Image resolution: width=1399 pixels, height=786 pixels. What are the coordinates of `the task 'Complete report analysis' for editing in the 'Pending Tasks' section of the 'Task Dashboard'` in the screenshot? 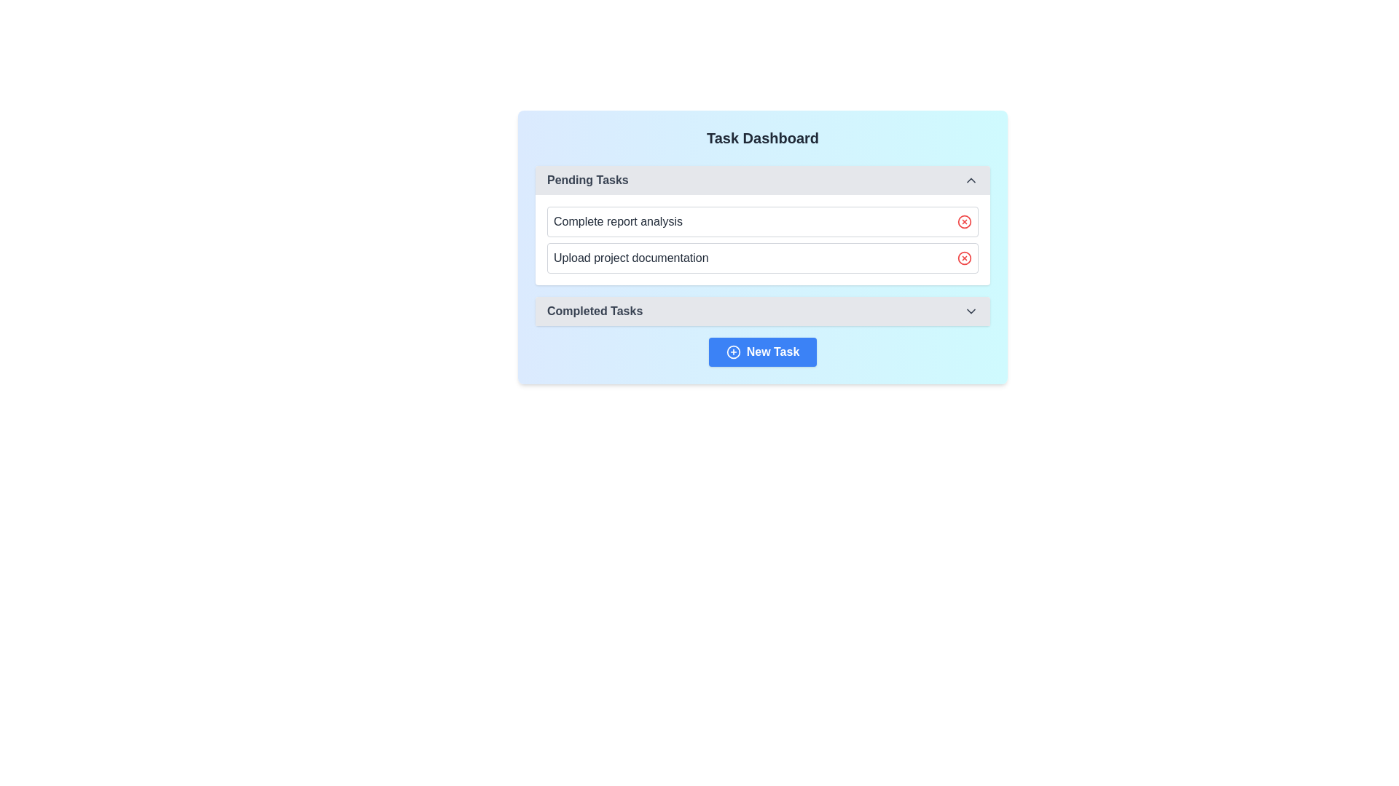 It's located at (761, 239).